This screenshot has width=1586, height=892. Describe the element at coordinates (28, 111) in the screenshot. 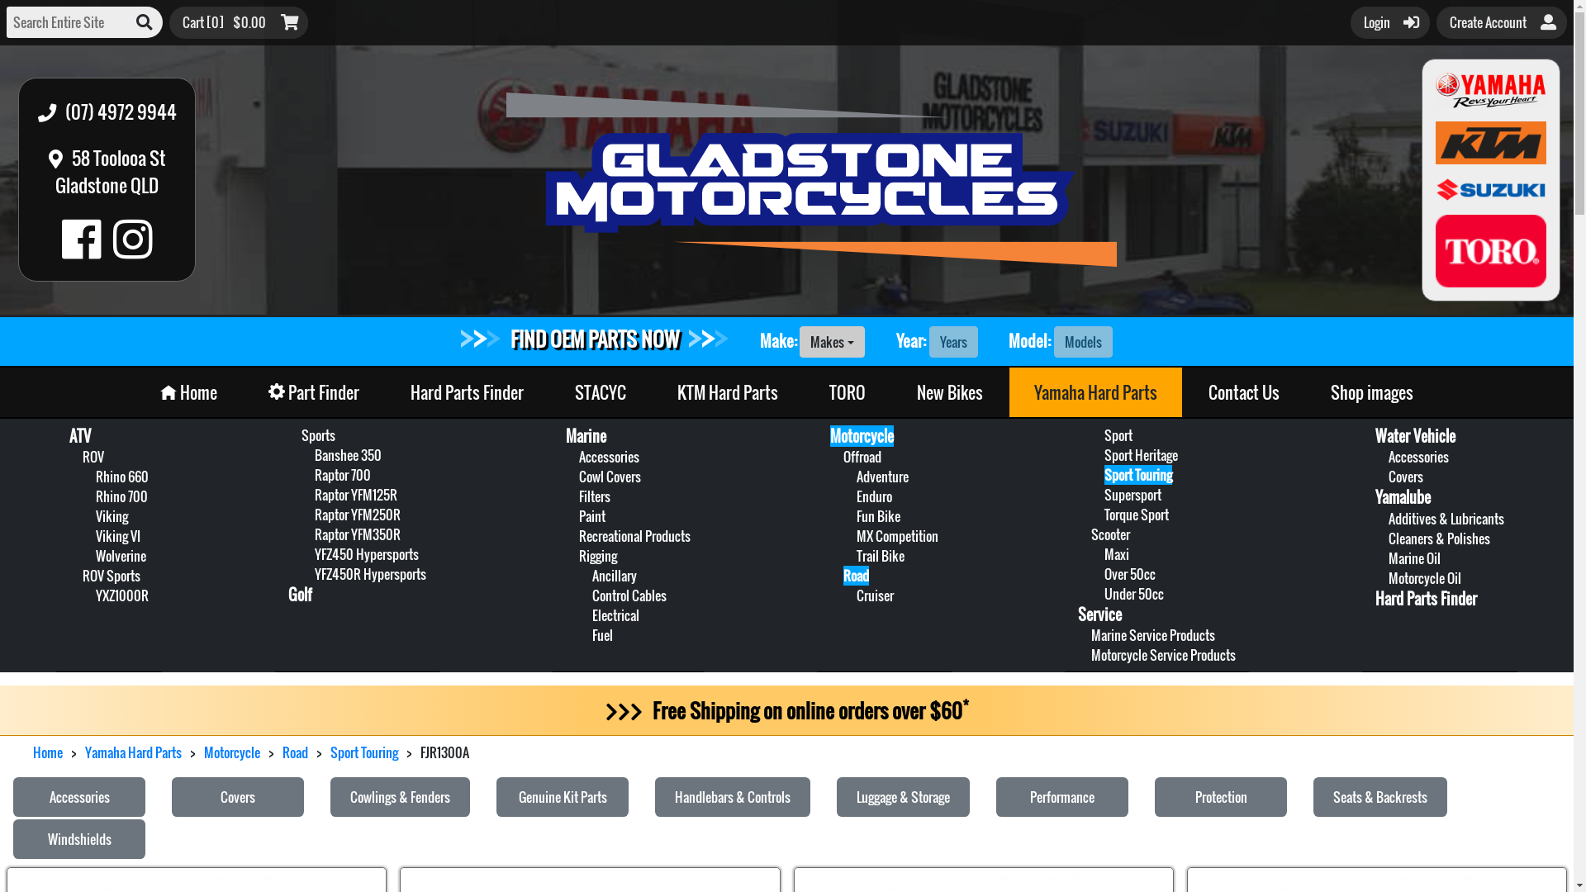

I see `'(07) 4972 9944'` at that location.